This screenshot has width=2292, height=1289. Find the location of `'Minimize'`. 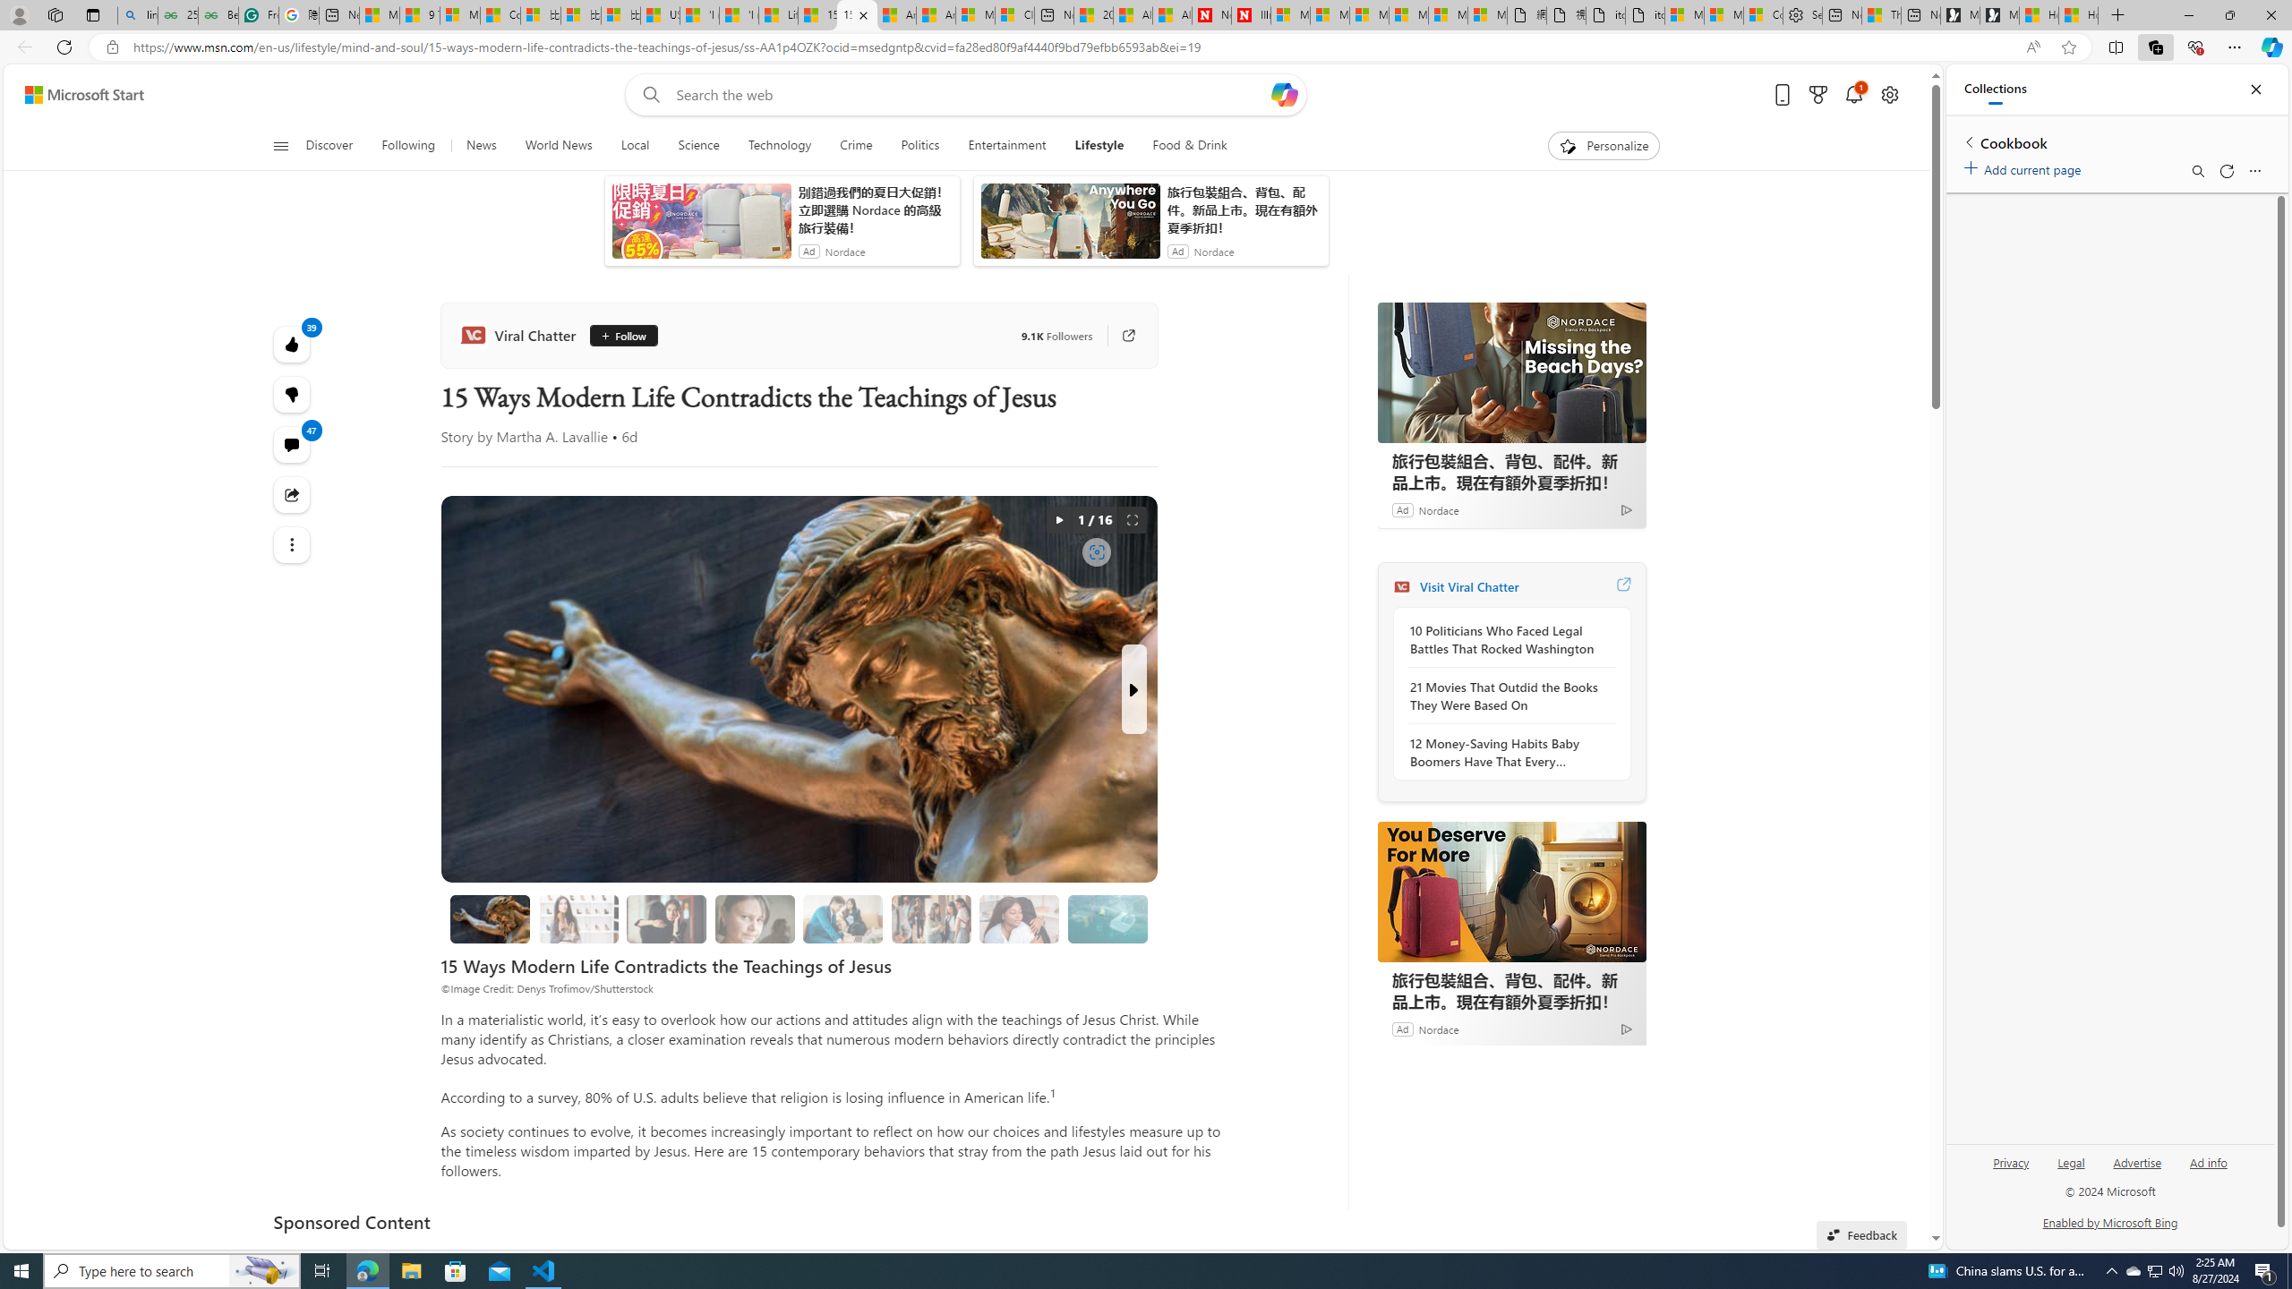

'Minimize' is located at coordinates (2187, 14).